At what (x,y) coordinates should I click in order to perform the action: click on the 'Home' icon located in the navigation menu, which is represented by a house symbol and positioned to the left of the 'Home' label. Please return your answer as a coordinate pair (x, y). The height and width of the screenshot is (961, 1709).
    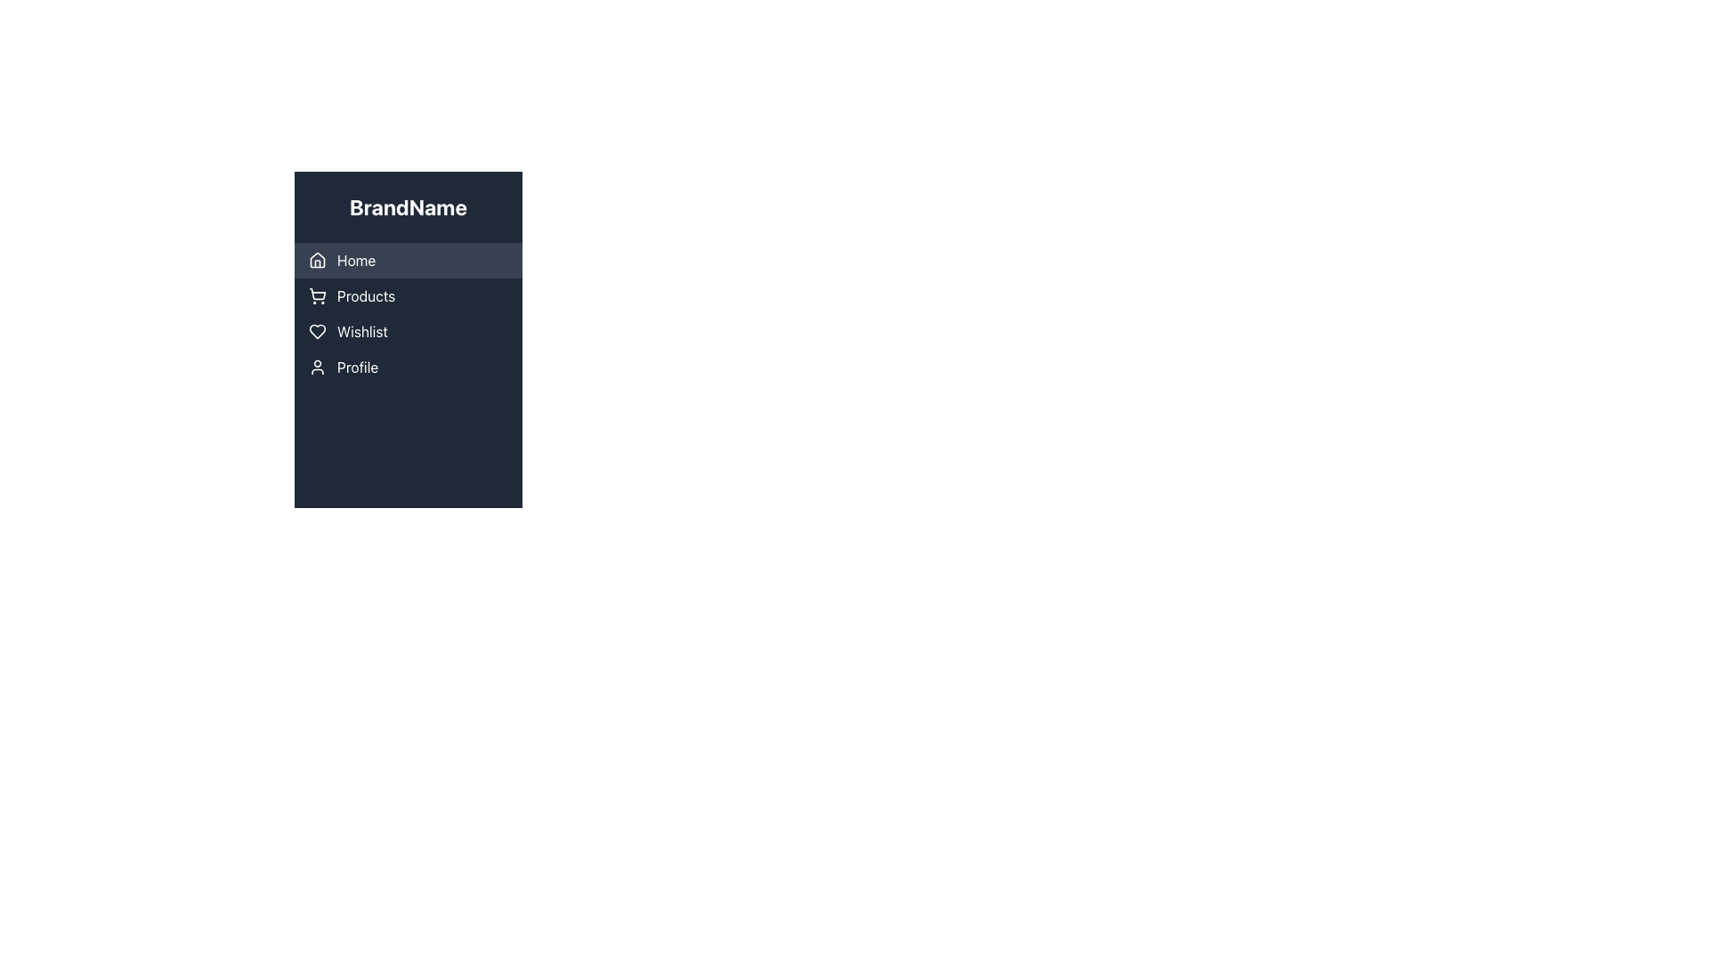
    Looking at the image, I should click on (317, 260).